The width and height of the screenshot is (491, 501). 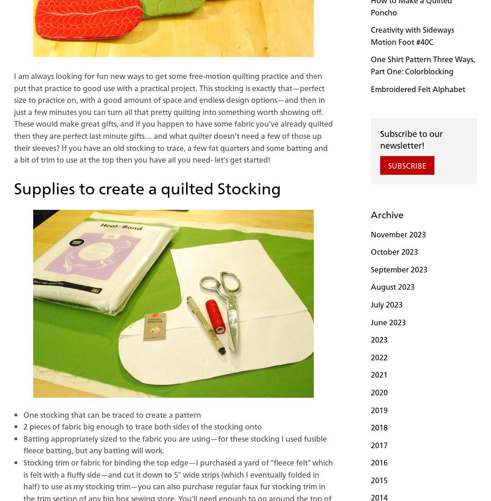 I want to click on 'Our Experts', so click(x=132, y=469).